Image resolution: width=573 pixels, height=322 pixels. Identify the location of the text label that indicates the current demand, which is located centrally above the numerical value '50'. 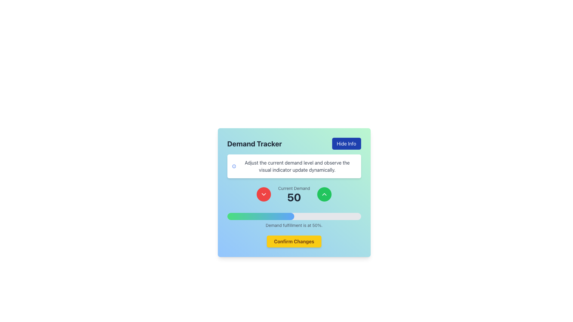
(294, 188).